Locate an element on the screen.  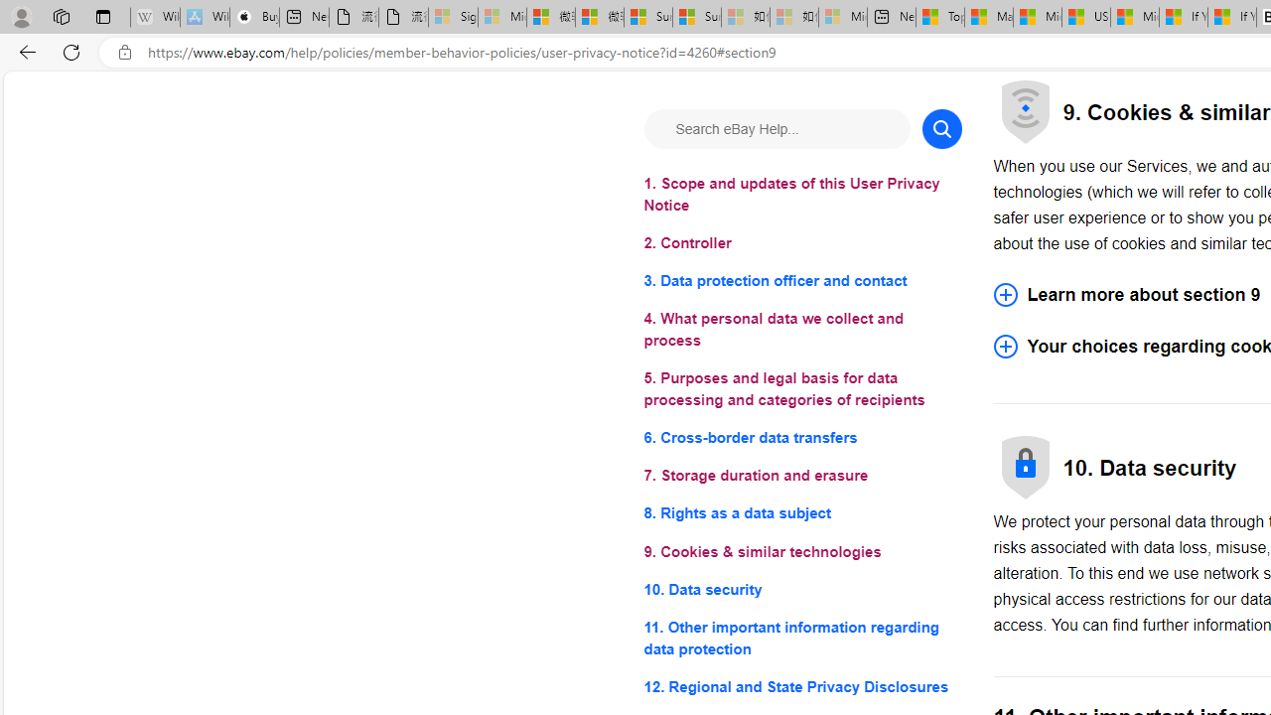
'12. Regional and State Privacy Disclosures' is located at coordinates (802, 685).